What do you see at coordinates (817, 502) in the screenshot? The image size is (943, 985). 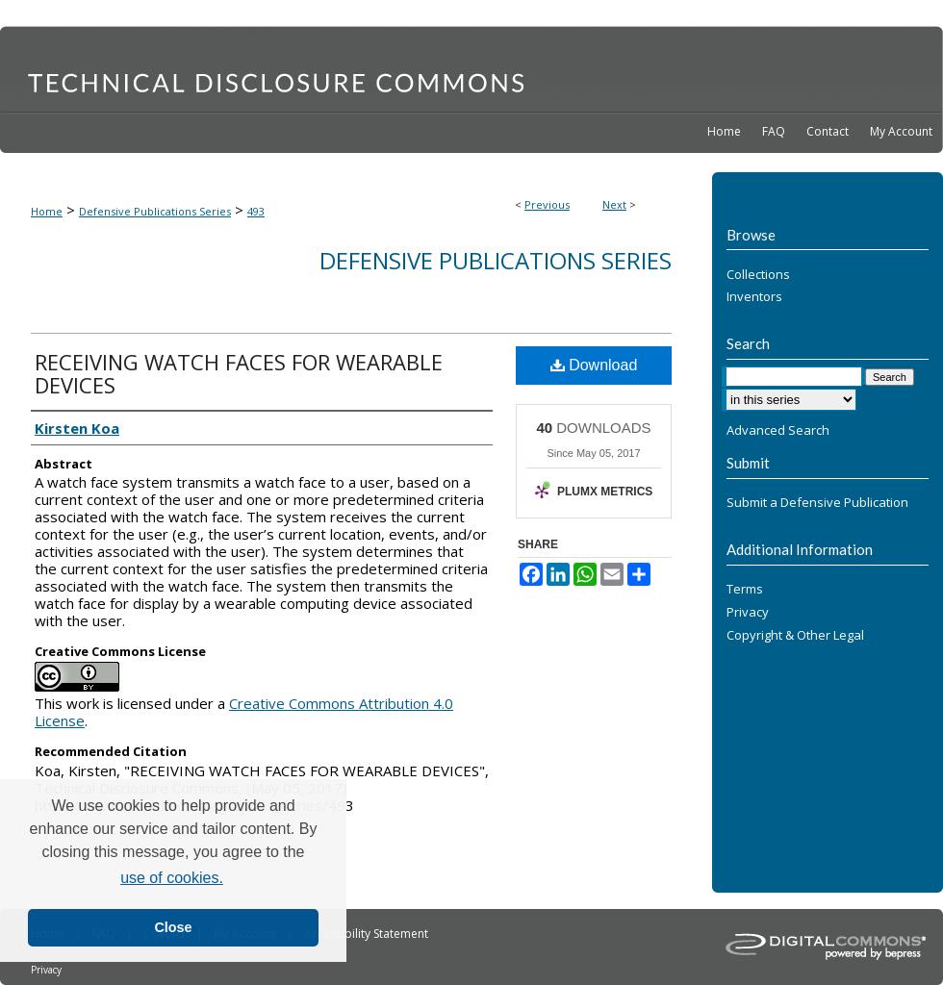 I see `'Submit a Defensive Publication'` at bounding box center [817, 502].